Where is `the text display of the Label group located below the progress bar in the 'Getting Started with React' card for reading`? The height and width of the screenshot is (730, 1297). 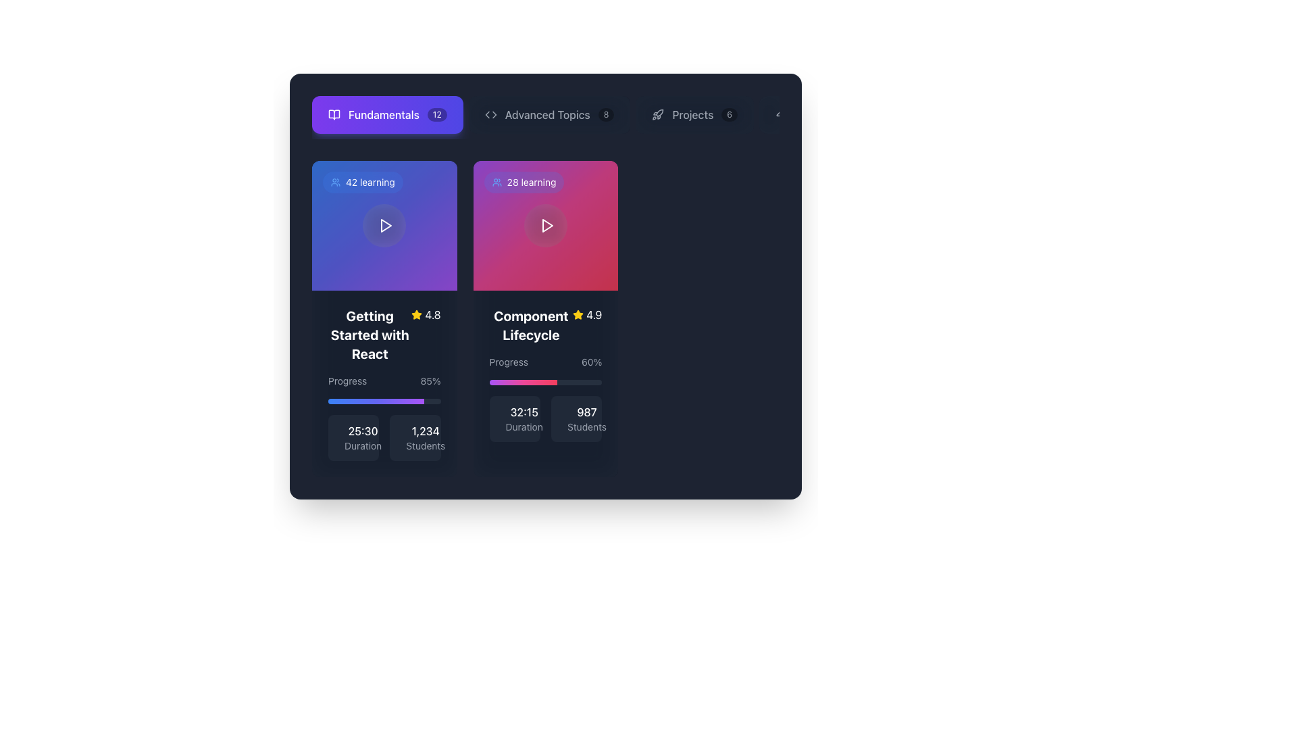
the text display of the Label group located below the progress bar in the 'Getting Started with React' card for reading is located at coordinates (384, 438).